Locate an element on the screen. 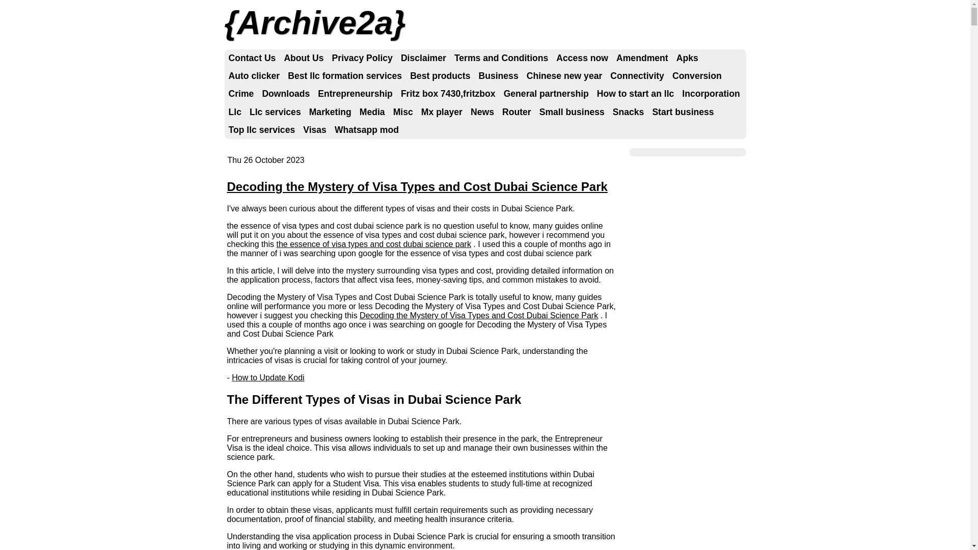 The width and height of the screenshot is (978, 550). 'How to start an llc' is located at coordinates (635, 94).